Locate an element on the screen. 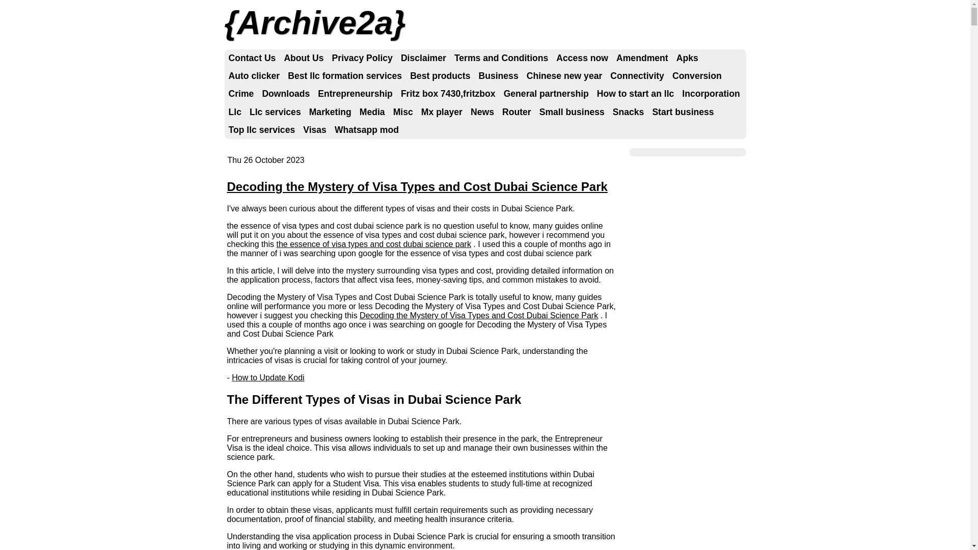 The width and height of the screenshot is (978, 550). 'How to start an llc' is located at coordinates (635, 94).